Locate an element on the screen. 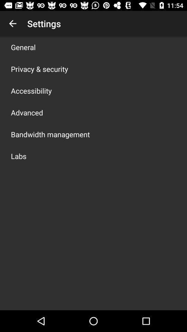  icon to the left of the settings item is located at coordinates (12, 24).